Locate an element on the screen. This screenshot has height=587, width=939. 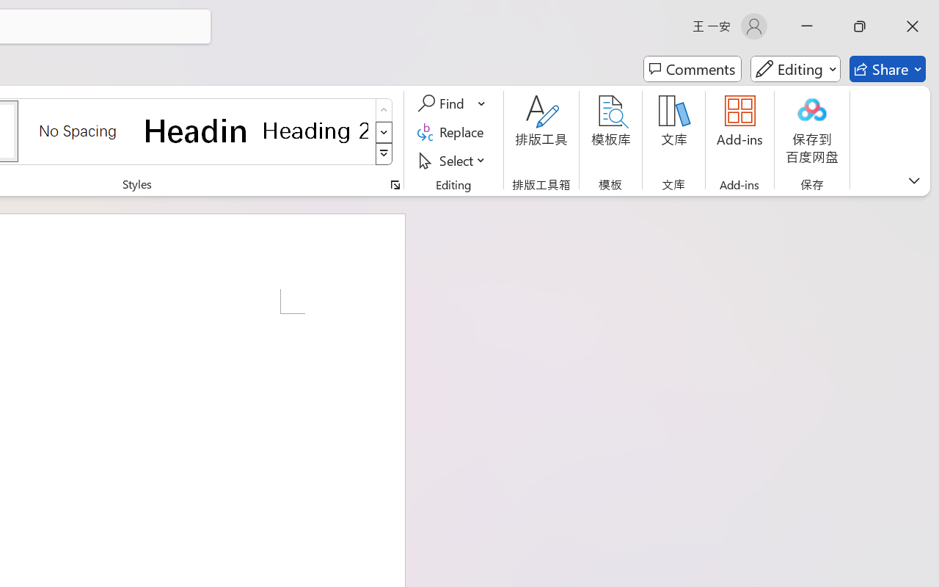
'Select' is located at coordinates (453, 160).